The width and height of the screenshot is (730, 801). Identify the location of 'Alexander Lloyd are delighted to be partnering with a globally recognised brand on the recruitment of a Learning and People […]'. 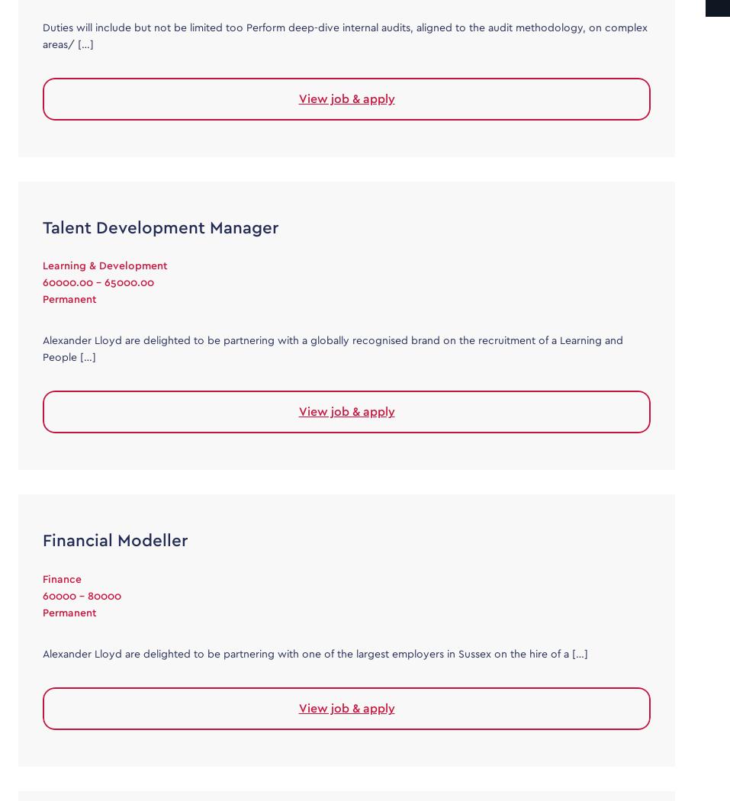
(332, 349).